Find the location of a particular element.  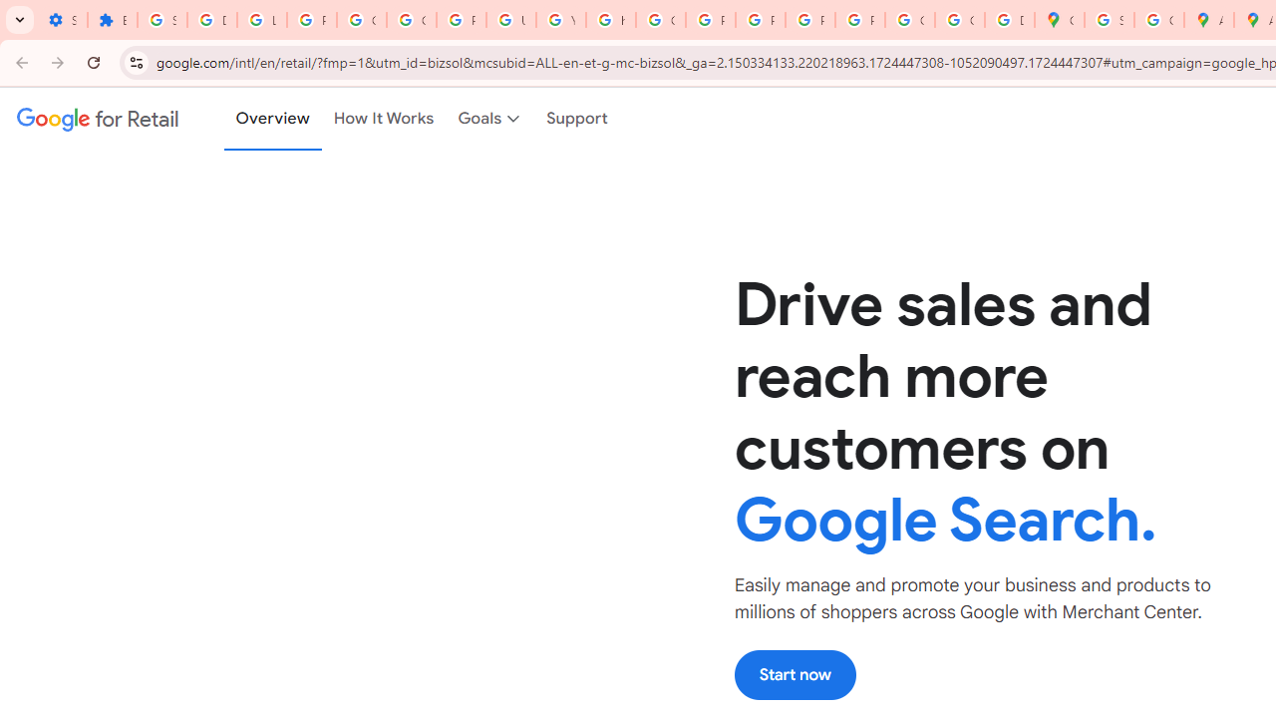

'Support' is located at coordinates (576, 119).